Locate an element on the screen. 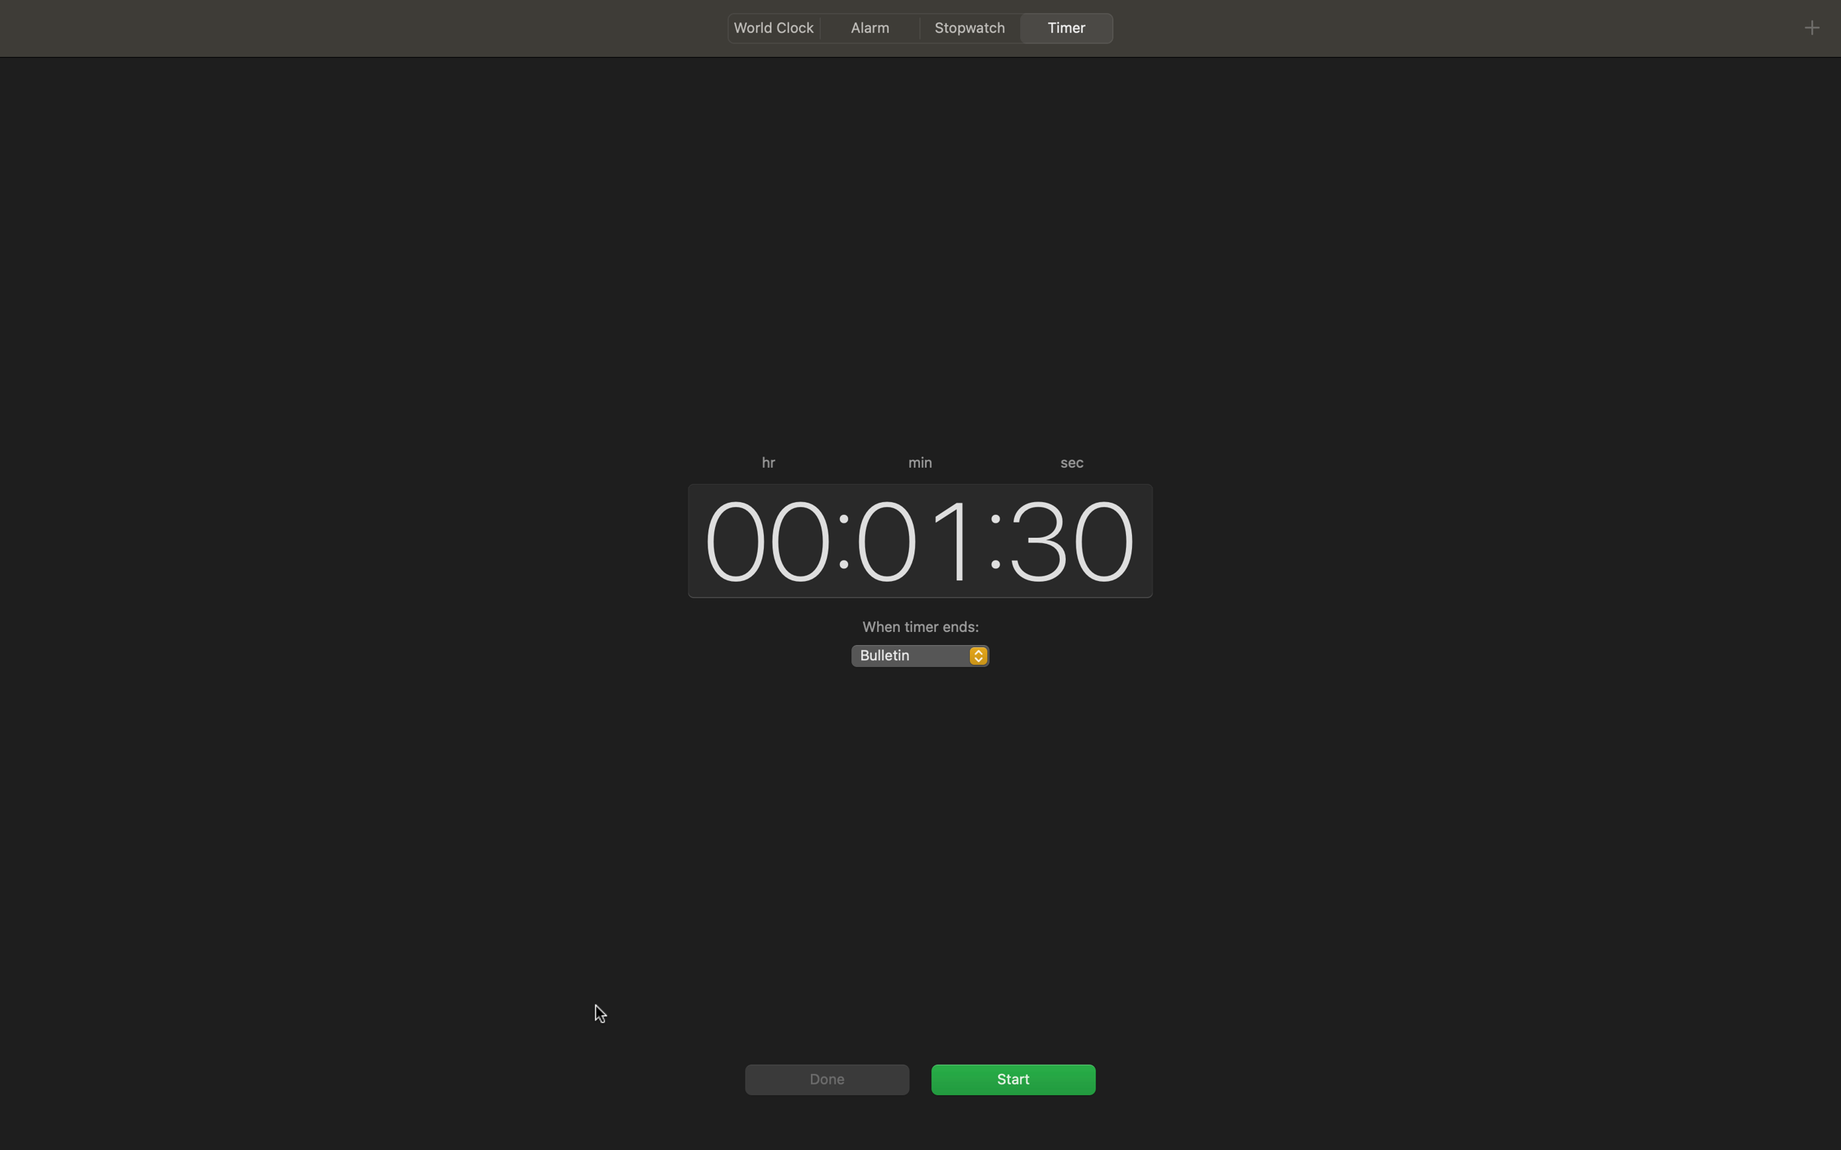 This screenshot has height=1150, width=1841. the minute counter to 15 is located at coordinates (914, 538).